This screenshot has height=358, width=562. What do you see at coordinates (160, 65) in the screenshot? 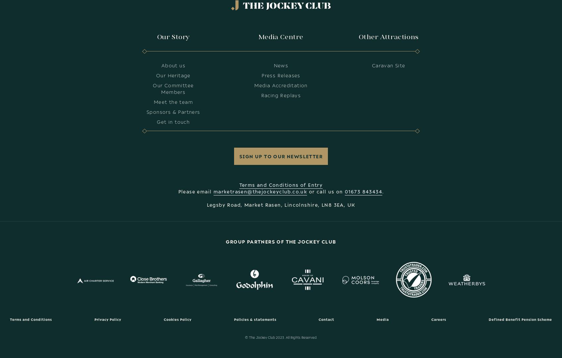
I see `'About us'` at bounding box center [160, 65].